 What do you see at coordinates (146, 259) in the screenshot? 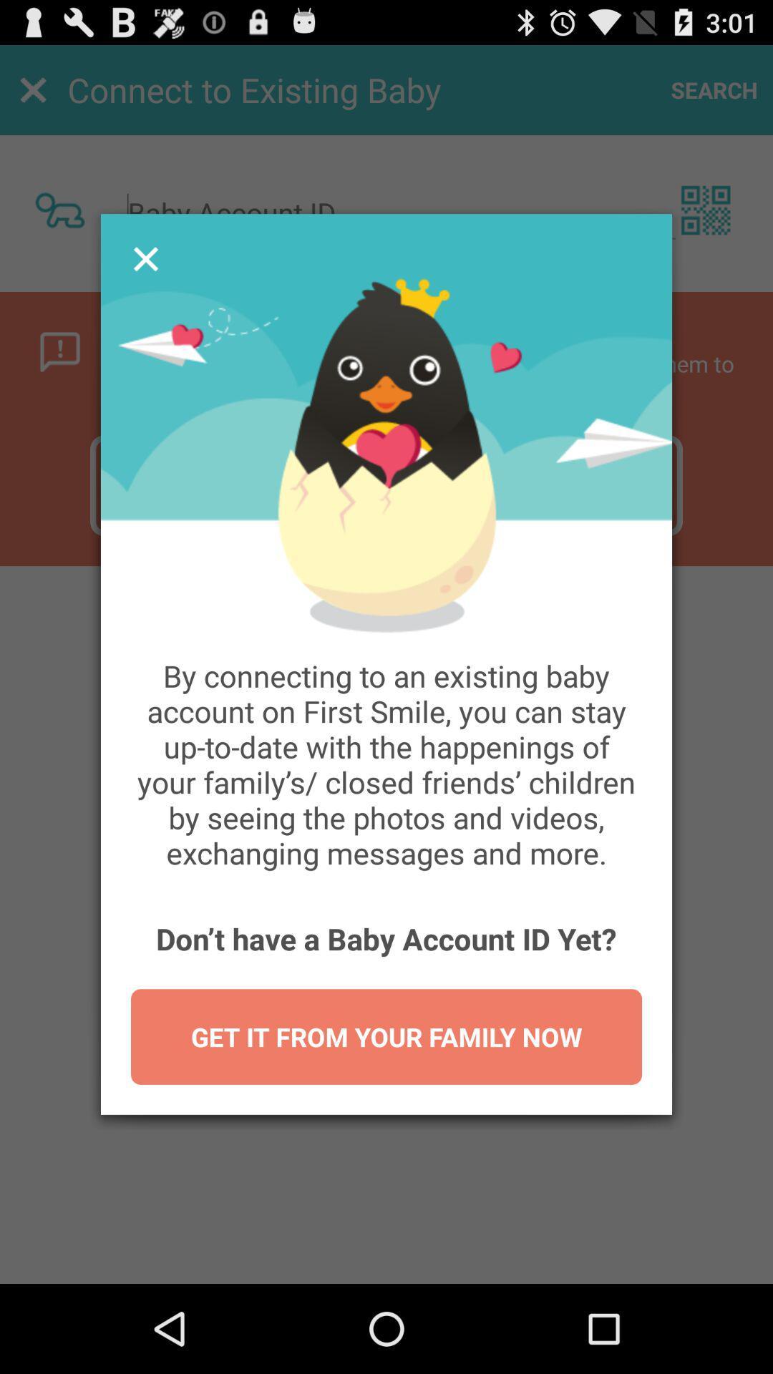
I see `the icon at the top left corner` at bounding box center [146, 259].